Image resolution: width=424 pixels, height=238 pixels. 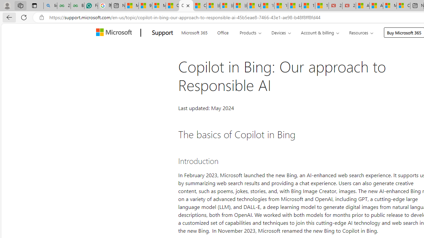 I want to click on 'linux basic - Search', so click(x=50, y=6).